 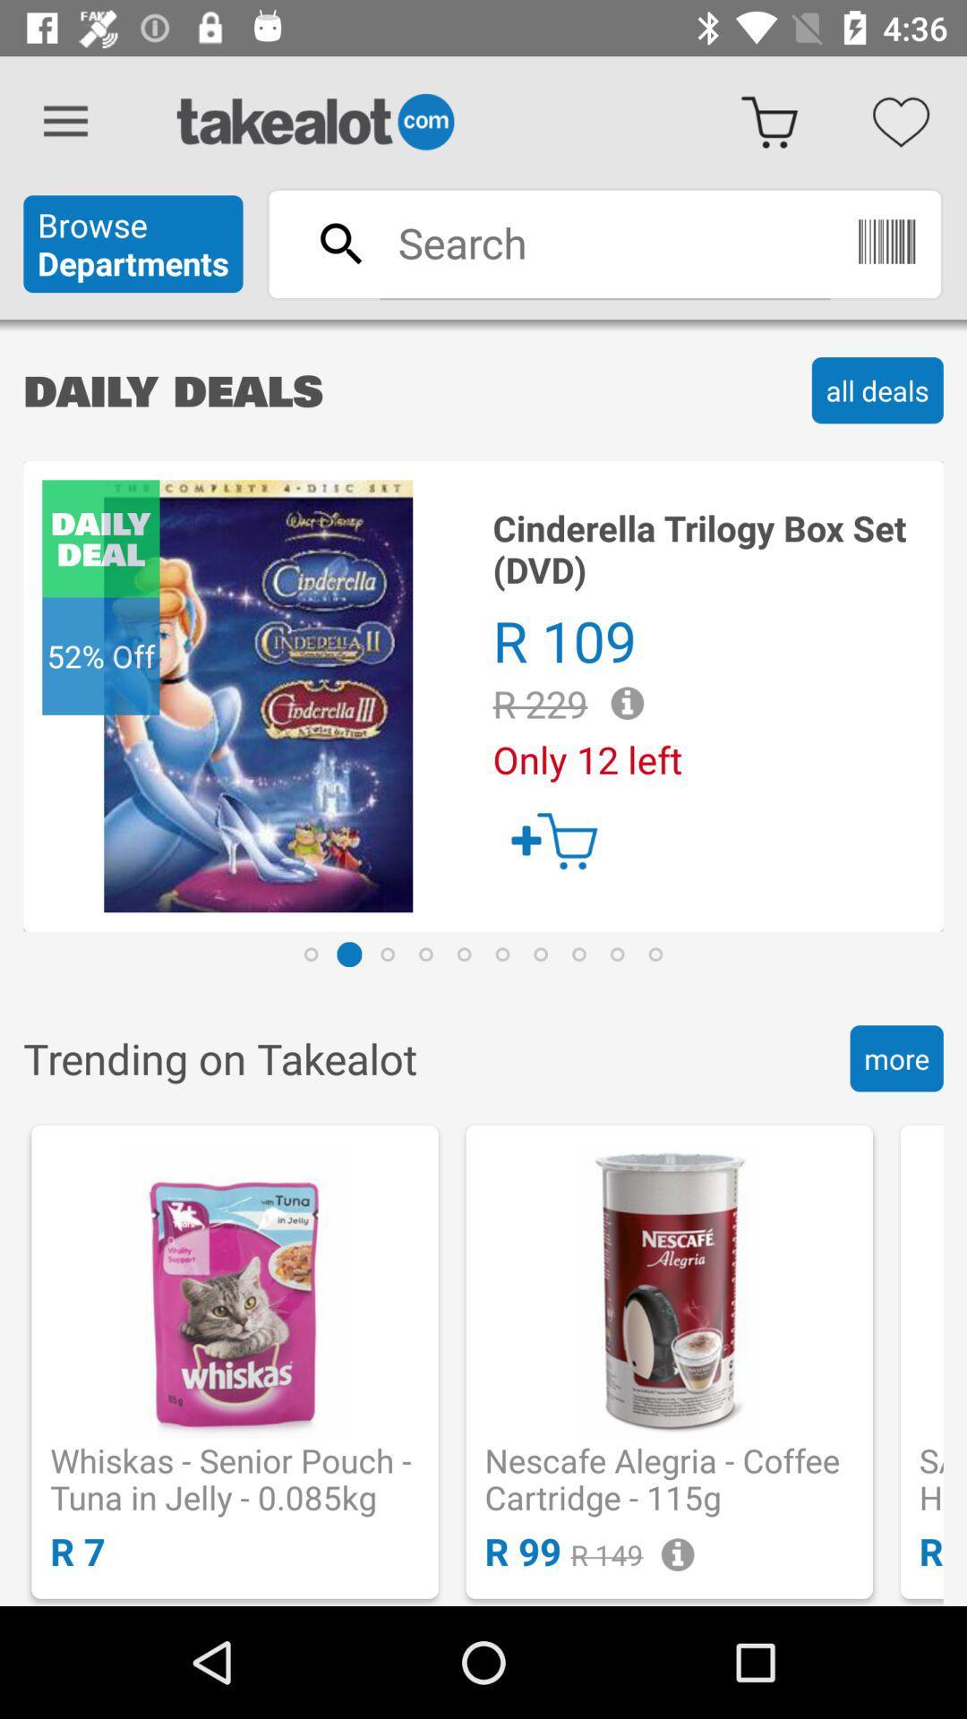 What do you see at coordinates (604, 242) in the screenshot?
I see `search button` at bounding box center [604, 242].